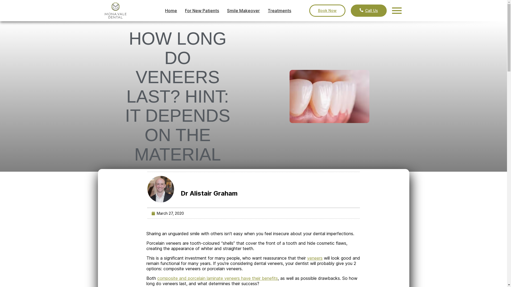 This screenshot has width=511, height=287. What do you see at coordinates (279, 10) in the screenshot?
I see `'Treatments'` at bounding box center [279, 10].